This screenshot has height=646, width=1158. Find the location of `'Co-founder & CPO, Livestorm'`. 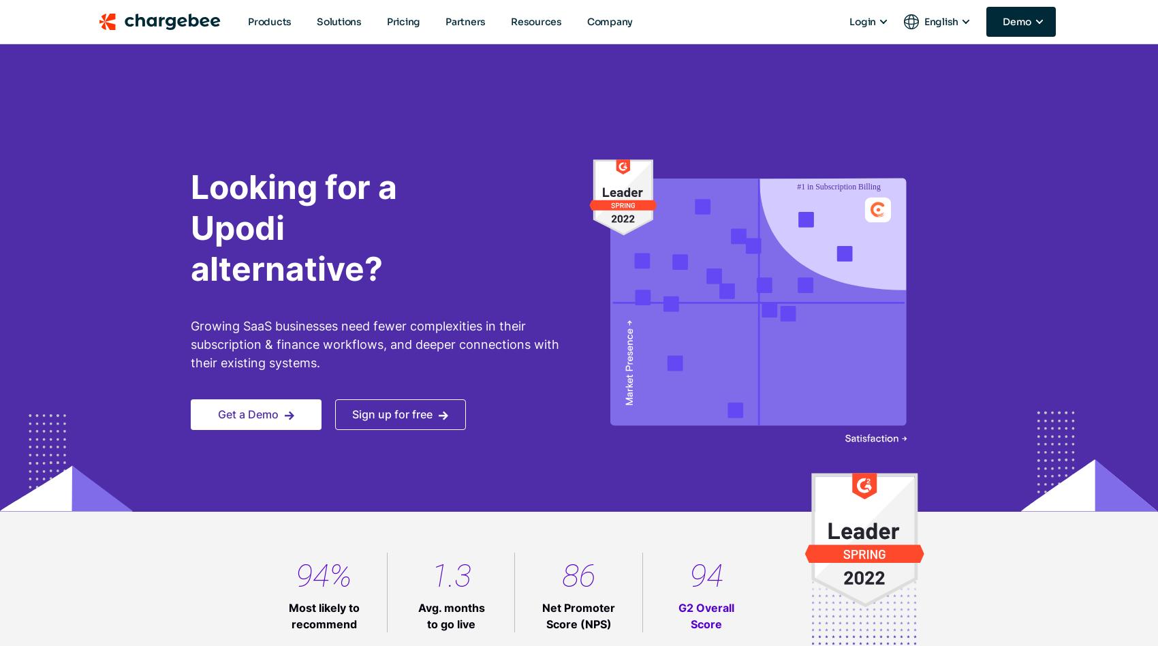

'Co-founder & CPO, Livestorm' is located at coordinates (772, 617).